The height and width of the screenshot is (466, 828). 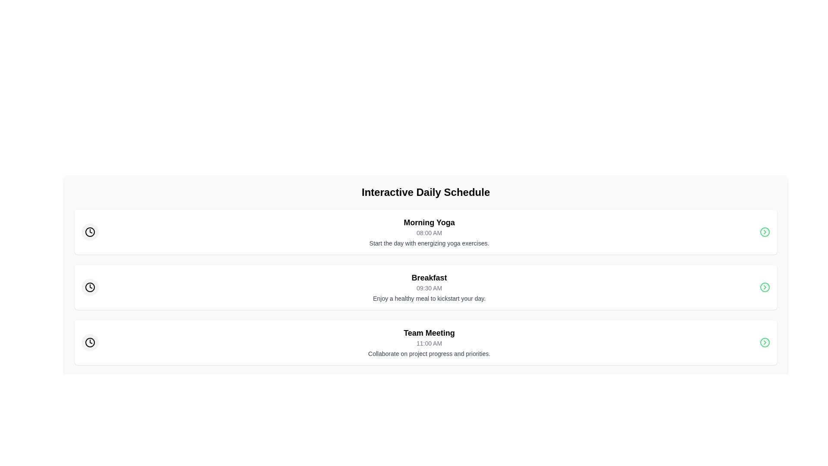 What do you see at coordinates (429, 332) in the screenshot?
I see `text of the Text Label that identifies the context of the schedule event, positioned above the time '11:00 AM' and the description text` at bounding box center [429, 332].